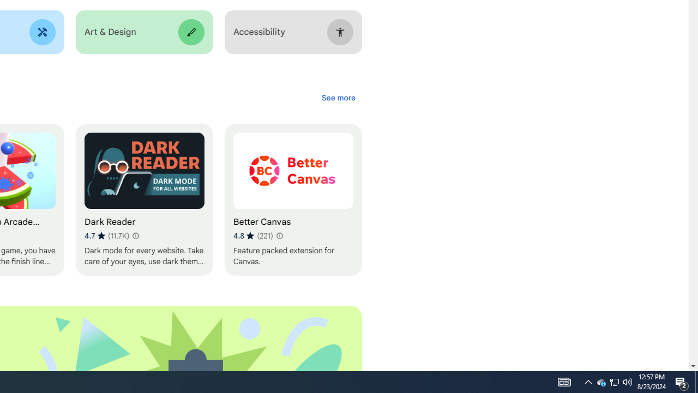  What do you see at coordinates (293, 200) in the screenshot?
I see `'Better Canvas'` at bounding box center [293, 200].